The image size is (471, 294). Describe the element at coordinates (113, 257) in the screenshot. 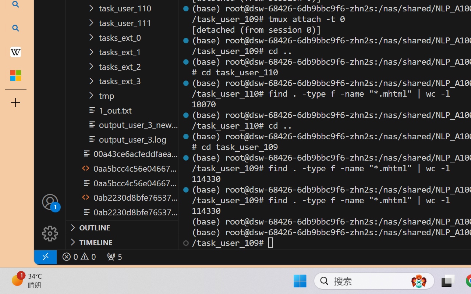

I see `'Forwarded Ports: 36301, 47065, 38781, 45817, 50331'` at that location.